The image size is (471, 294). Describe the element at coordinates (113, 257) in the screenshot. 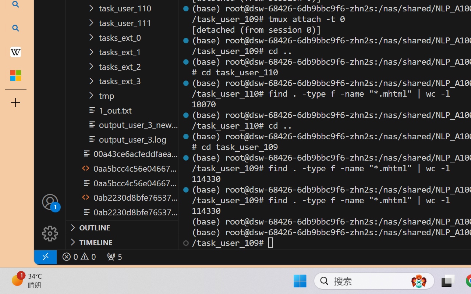

I see `'Forwarded Ports: 36301, 47065, 38781, 45817, 50331'` at that location.